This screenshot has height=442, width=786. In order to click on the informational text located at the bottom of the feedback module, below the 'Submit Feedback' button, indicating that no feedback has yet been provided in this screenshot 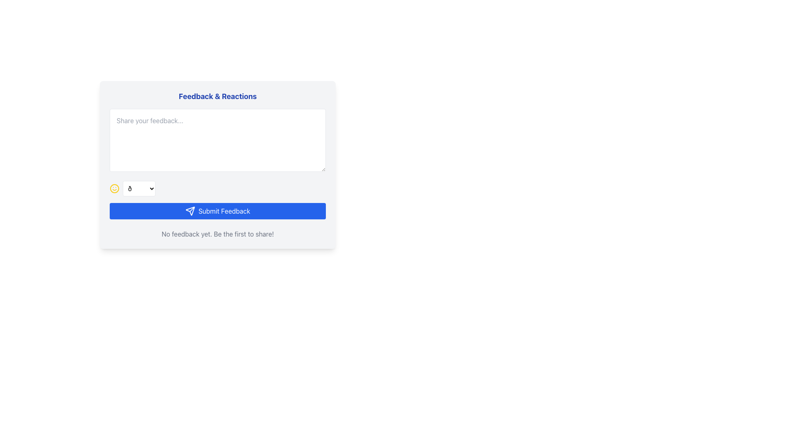, I will do `click(218, 234)`.